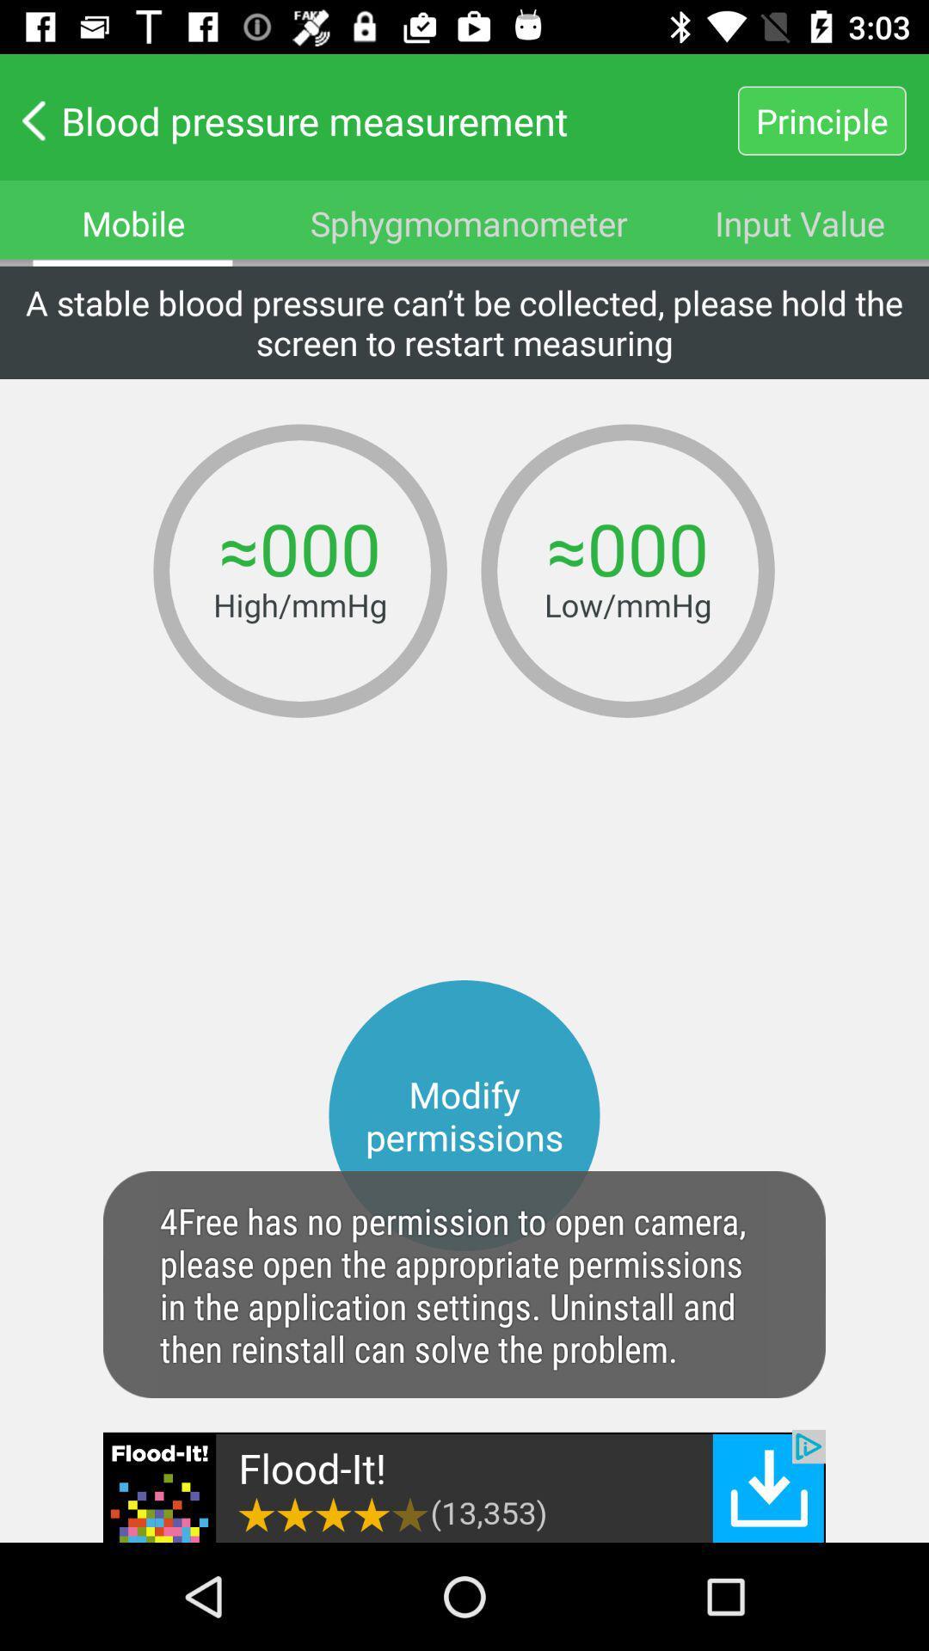 This screenshot has height=1651, width=929. Describe the element at coordinates (464, 1485) in the screenshot. I see `the add` at that location.